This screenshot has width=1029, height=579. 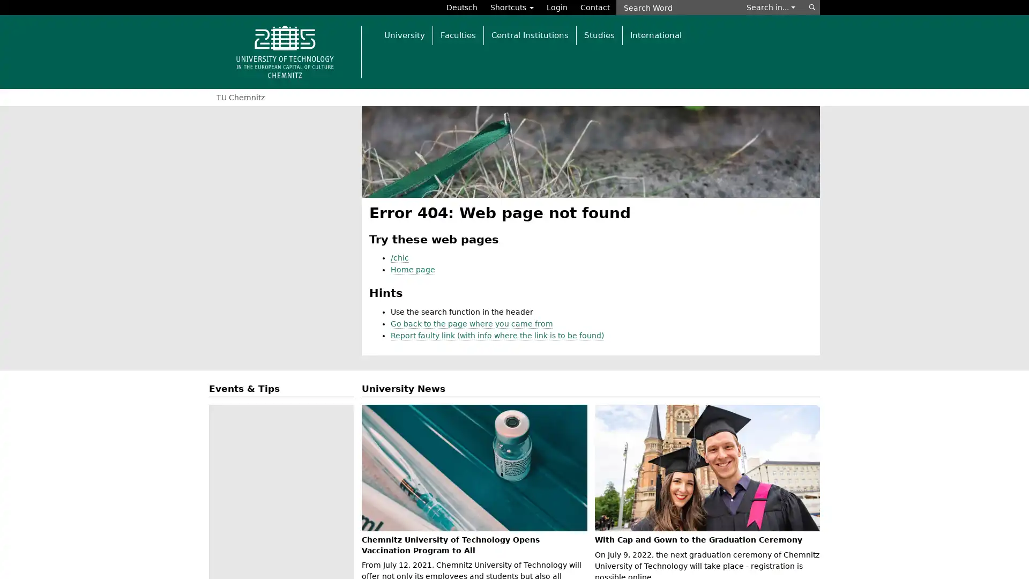 I want to click on Faculties, so click(x=458, y=34).